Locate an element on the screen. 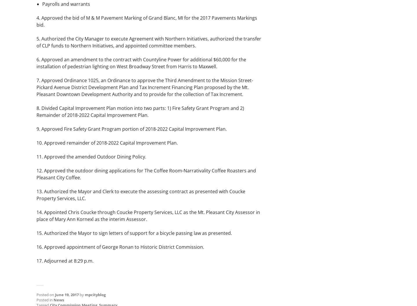 The image size is (417, 306). '12. Approved the outdoor dining applications for The Coffee Room-Narrativality Coffee Roasters and Pleasant City Coffee.' is located at coordinates (146, 174).